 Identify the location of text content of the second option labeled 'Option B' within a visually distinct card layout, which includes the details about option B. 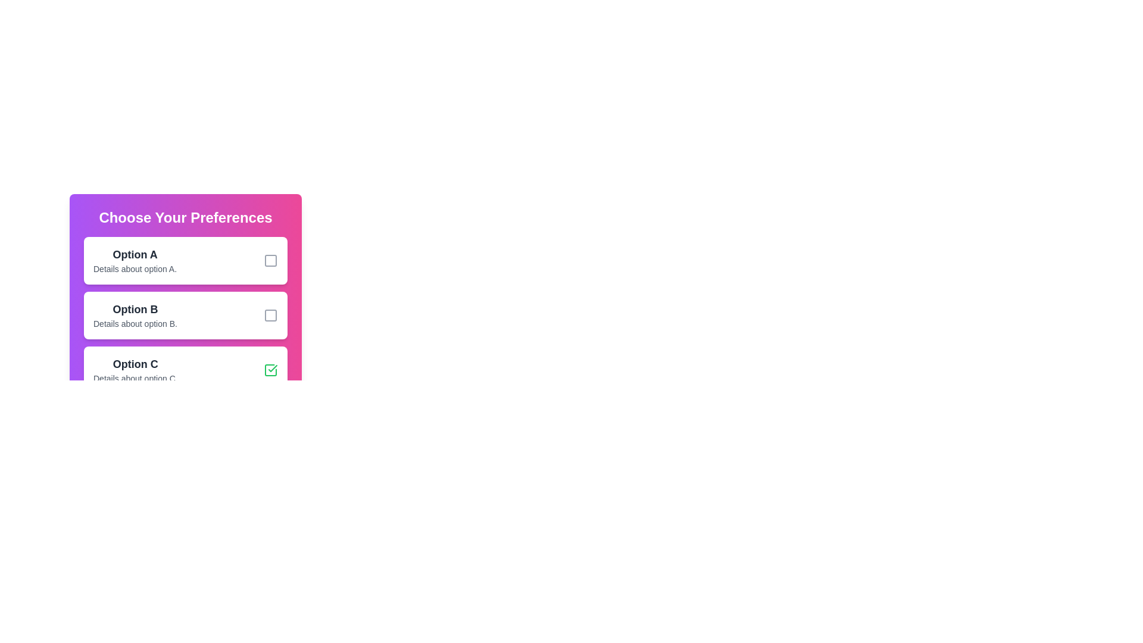
(135, 314).